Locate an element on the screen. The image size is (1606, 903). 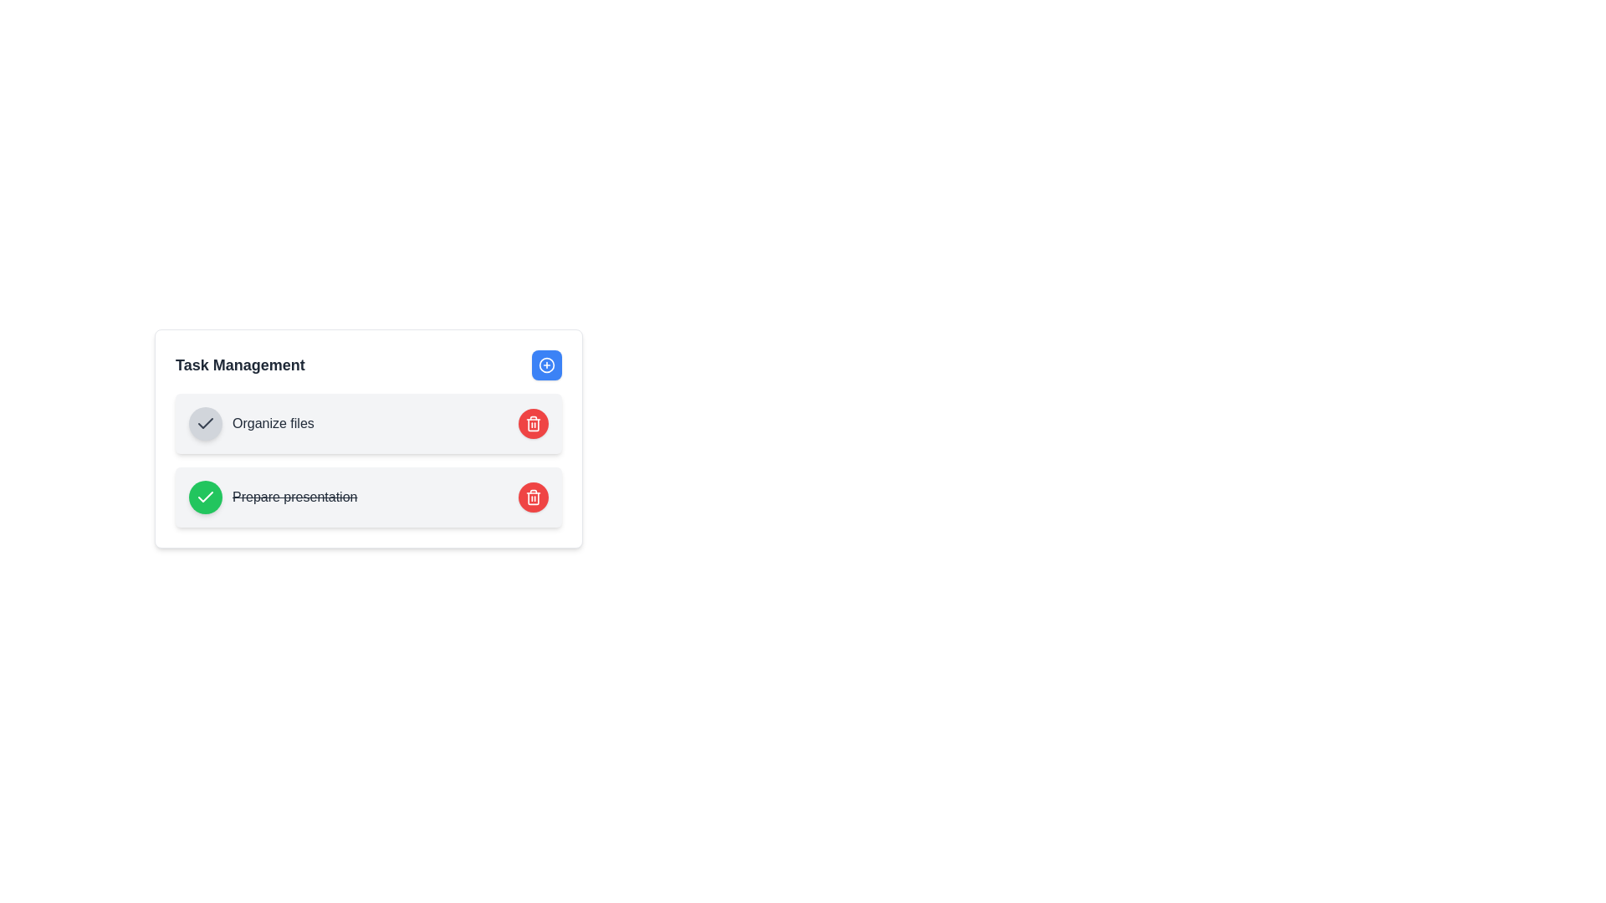
the bottom portion of the trash bin icon, which is part of the 'lucide-trash2' class, located to the far right of the 'Prepare presentation' task item in the 'Task Management' list interface is located at coordinates (533, 424).